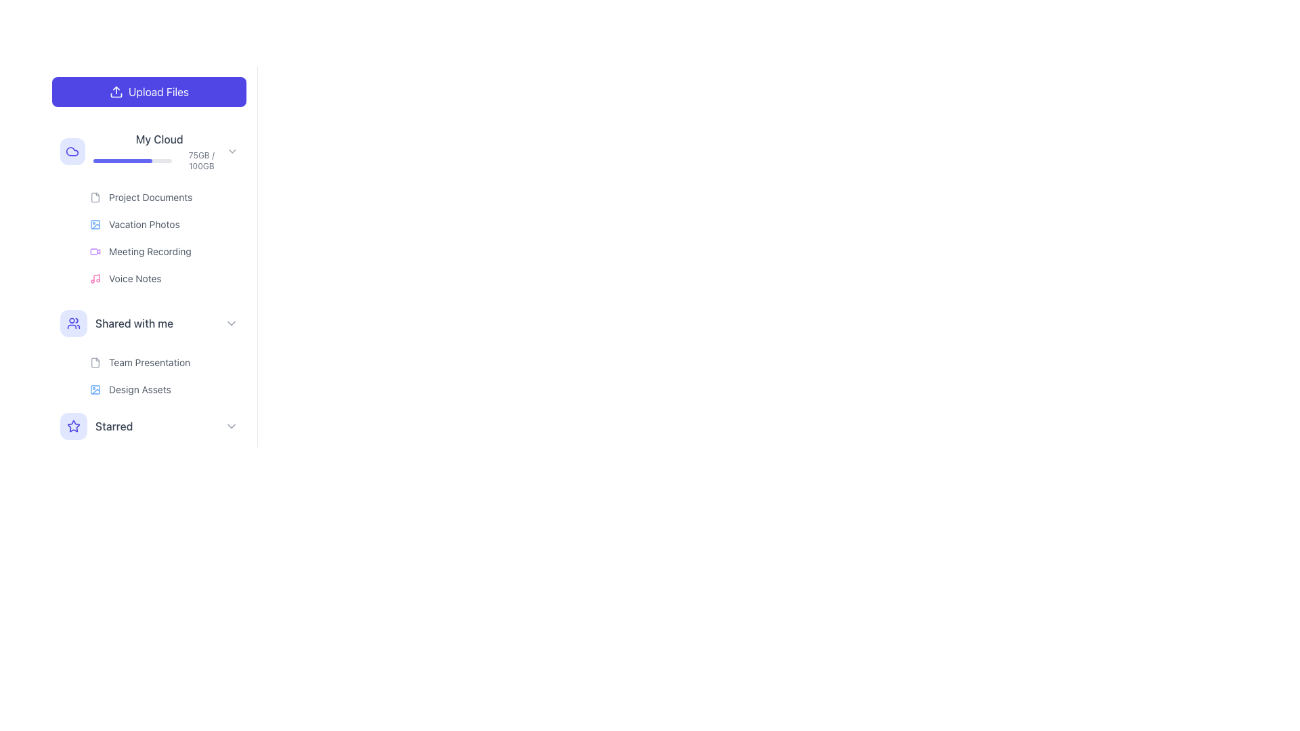 This screenshot has height=731, width=1300. Describe the element at coordinates (200, 160) in the screenshot. I see `text label indicating the current and maximum storage usage values, positioned to the right of the horizontal progress bar and above the 'My Cloud' label in the left-hand navigation panel` at that location.